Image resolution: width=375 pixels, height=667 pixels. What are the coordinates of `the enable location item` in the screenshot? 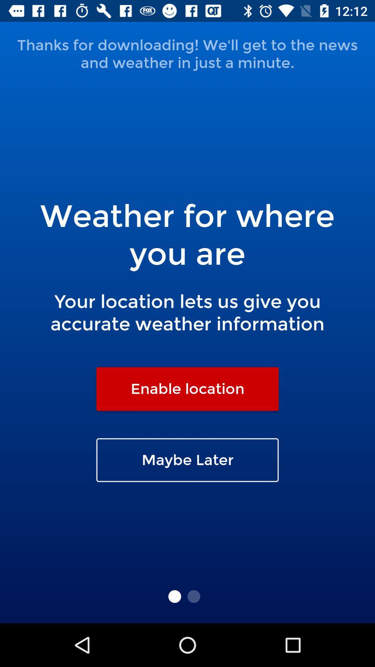 It's located at (187, 388).